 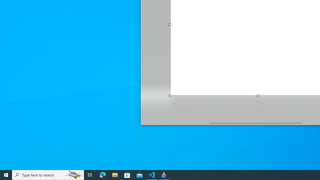 I want to click on 'Search highlights icon opens search home window', so click(x=73, y=174).